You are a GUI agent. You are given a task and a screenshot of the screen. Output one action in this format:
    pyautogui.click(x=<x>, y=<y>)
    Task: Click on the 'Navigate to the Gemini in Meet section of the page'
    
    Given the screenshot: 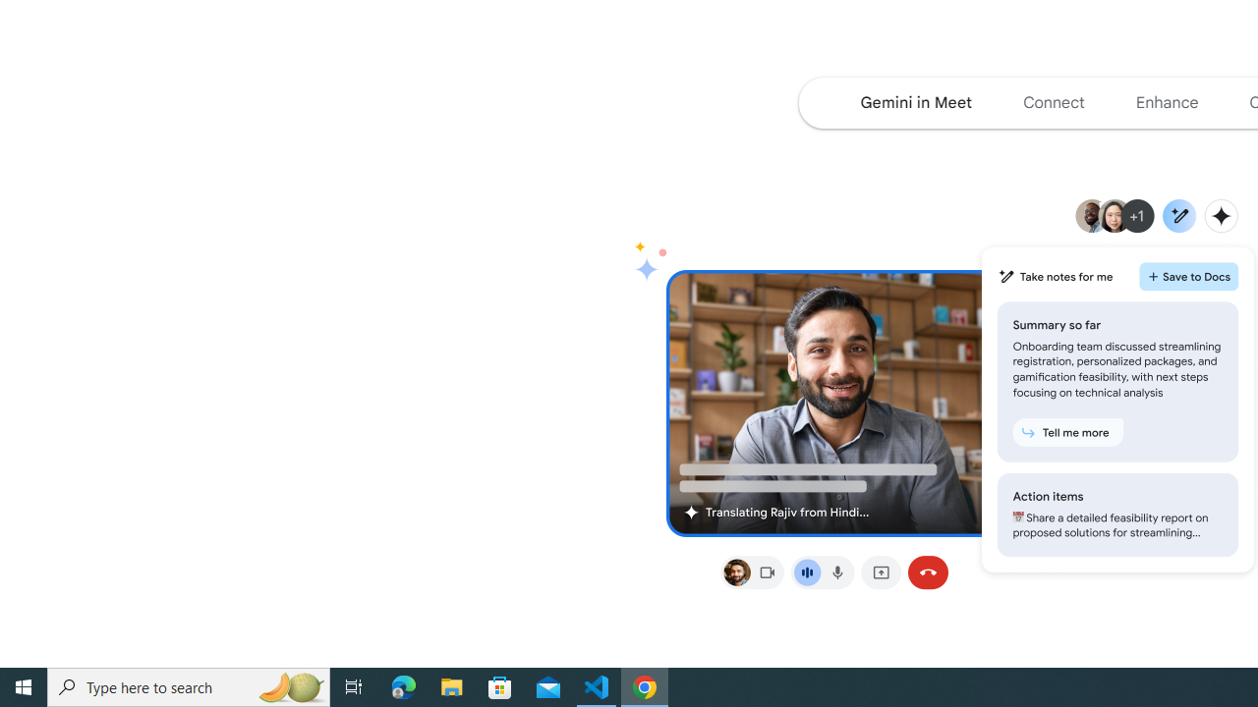 What is the action you would take?
    pyautogui.click(x=915, y=102)
    